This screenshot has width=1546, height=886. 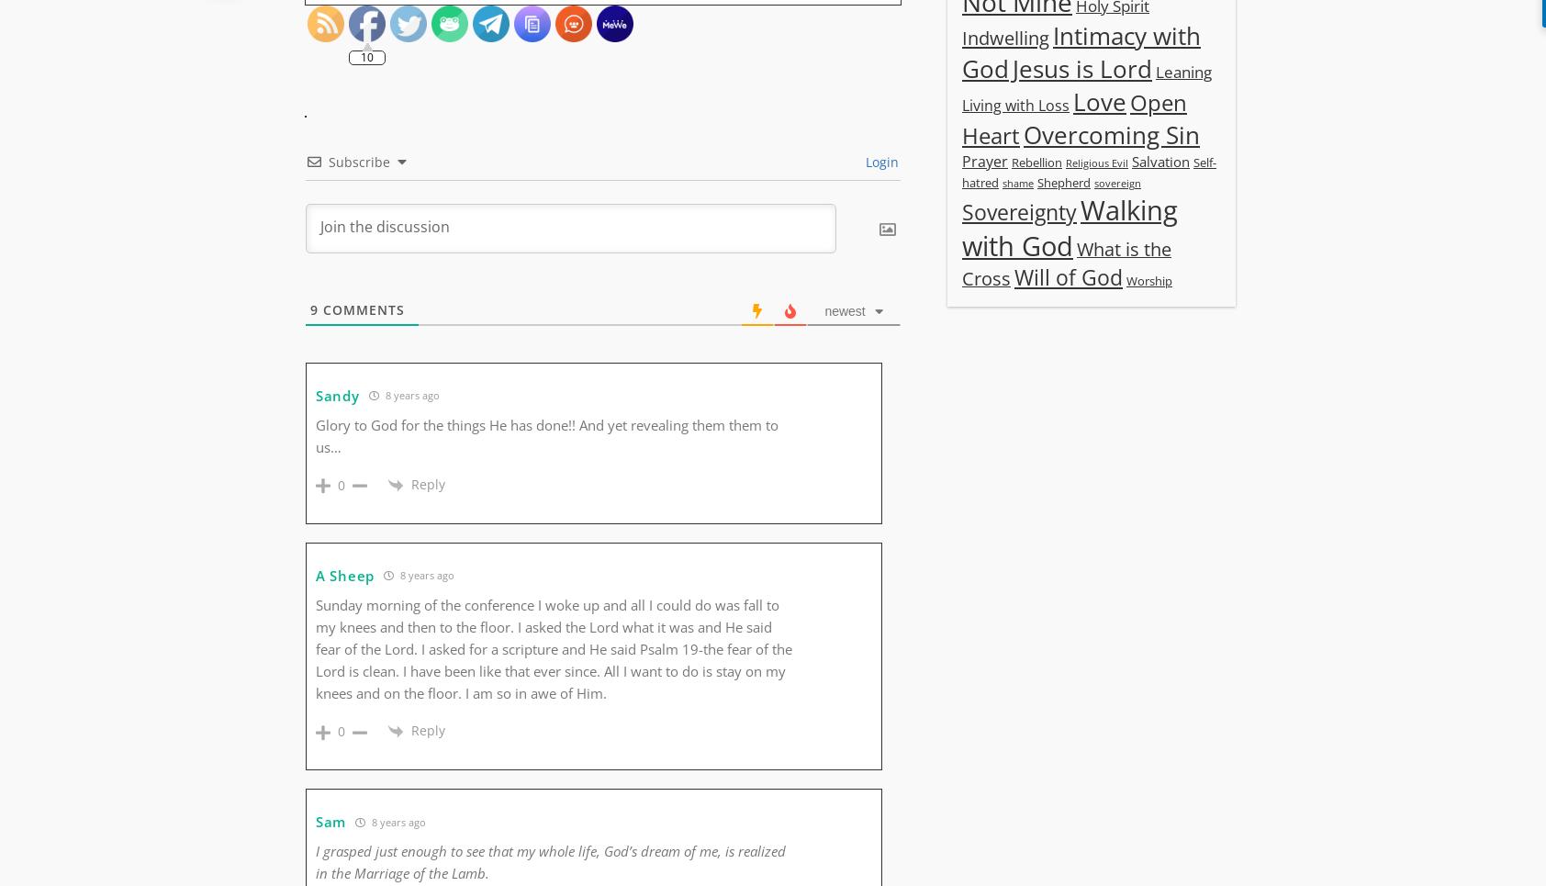 What do you see at coordinates (550, 862) in the screenshot?
I see `'I grasped just enough to see that my whole life, God’s dream of me, is realized in the Marriage of the Lamb.'` at bounding box center [550, 862].